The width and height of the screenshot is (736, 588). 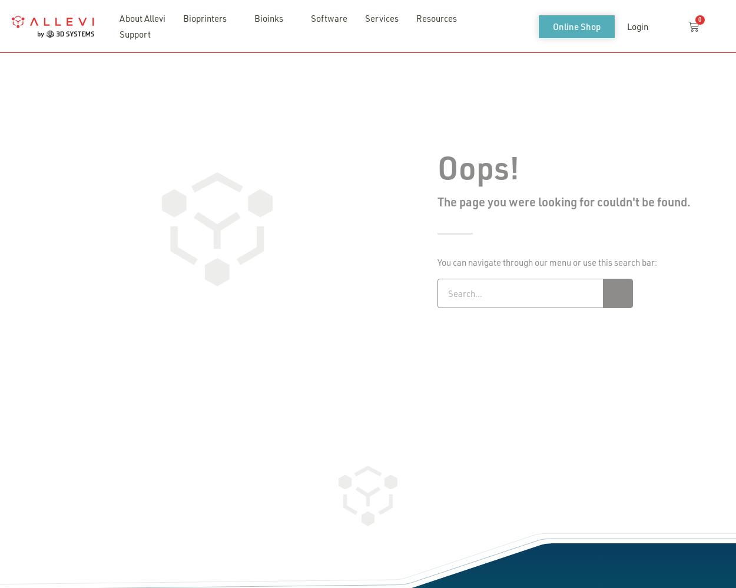 I want to click on 'You can navigate through our menu or use this search bar:', so click(x=547, y=261).